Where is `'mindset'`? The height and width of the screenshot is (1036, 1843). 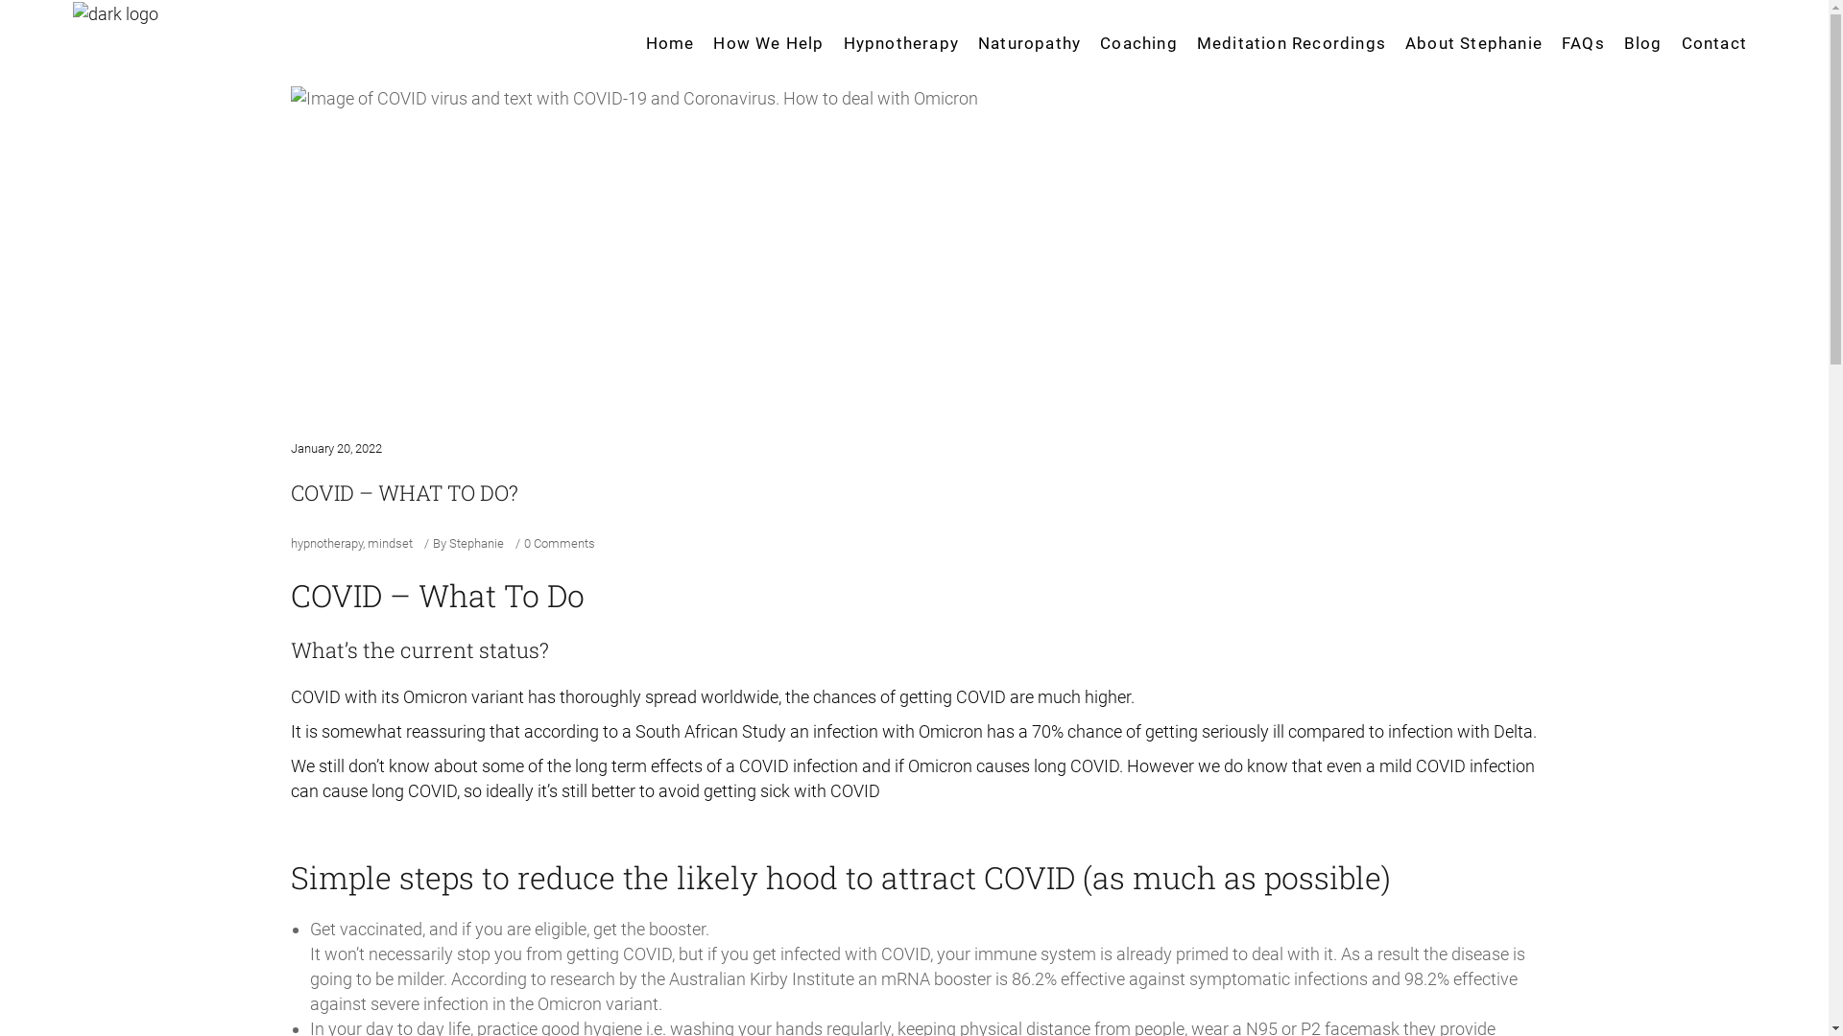 'mindset' is located at coordinates (388, 543).